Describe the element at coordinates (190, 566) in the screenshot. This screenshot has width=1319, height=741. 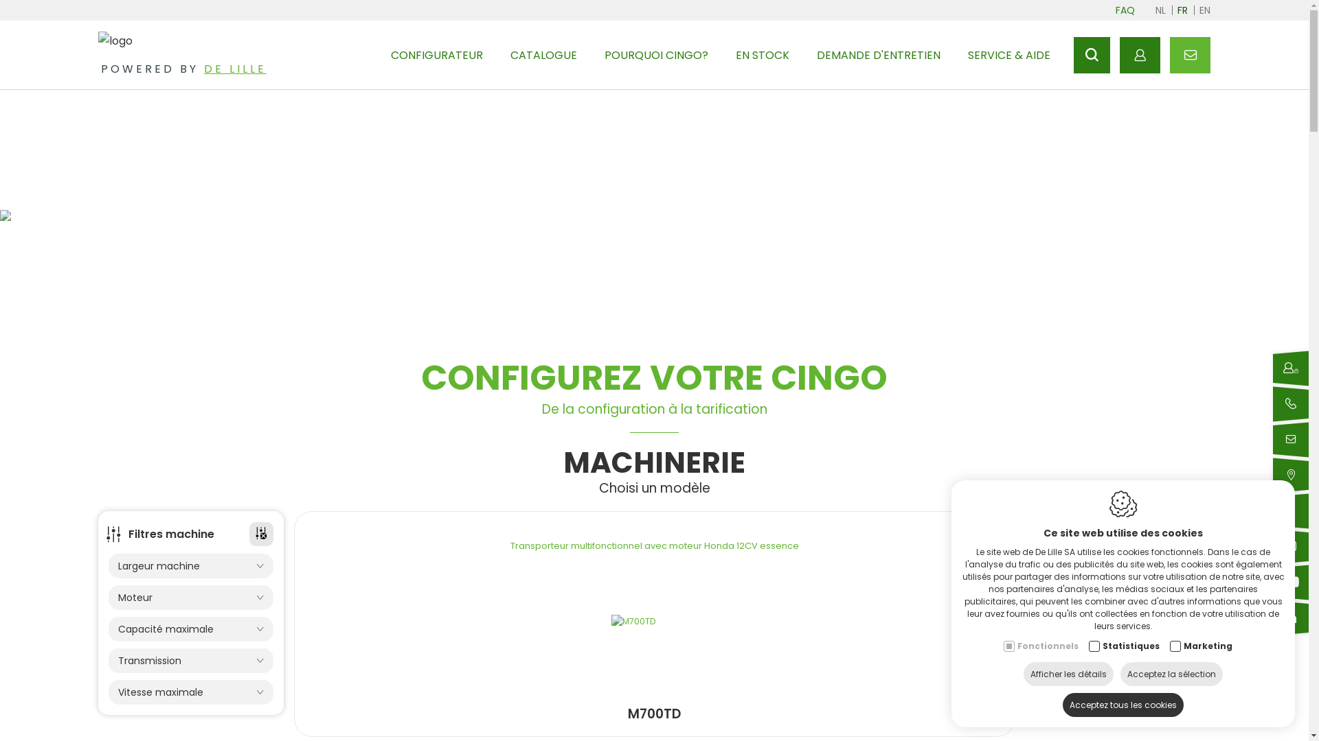
I see `'Largeur machine'` at that location.